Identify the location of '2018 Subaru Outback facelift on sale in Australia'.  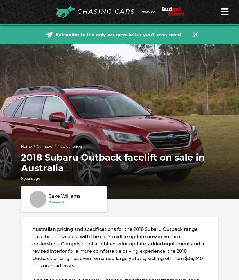
(113, 162).